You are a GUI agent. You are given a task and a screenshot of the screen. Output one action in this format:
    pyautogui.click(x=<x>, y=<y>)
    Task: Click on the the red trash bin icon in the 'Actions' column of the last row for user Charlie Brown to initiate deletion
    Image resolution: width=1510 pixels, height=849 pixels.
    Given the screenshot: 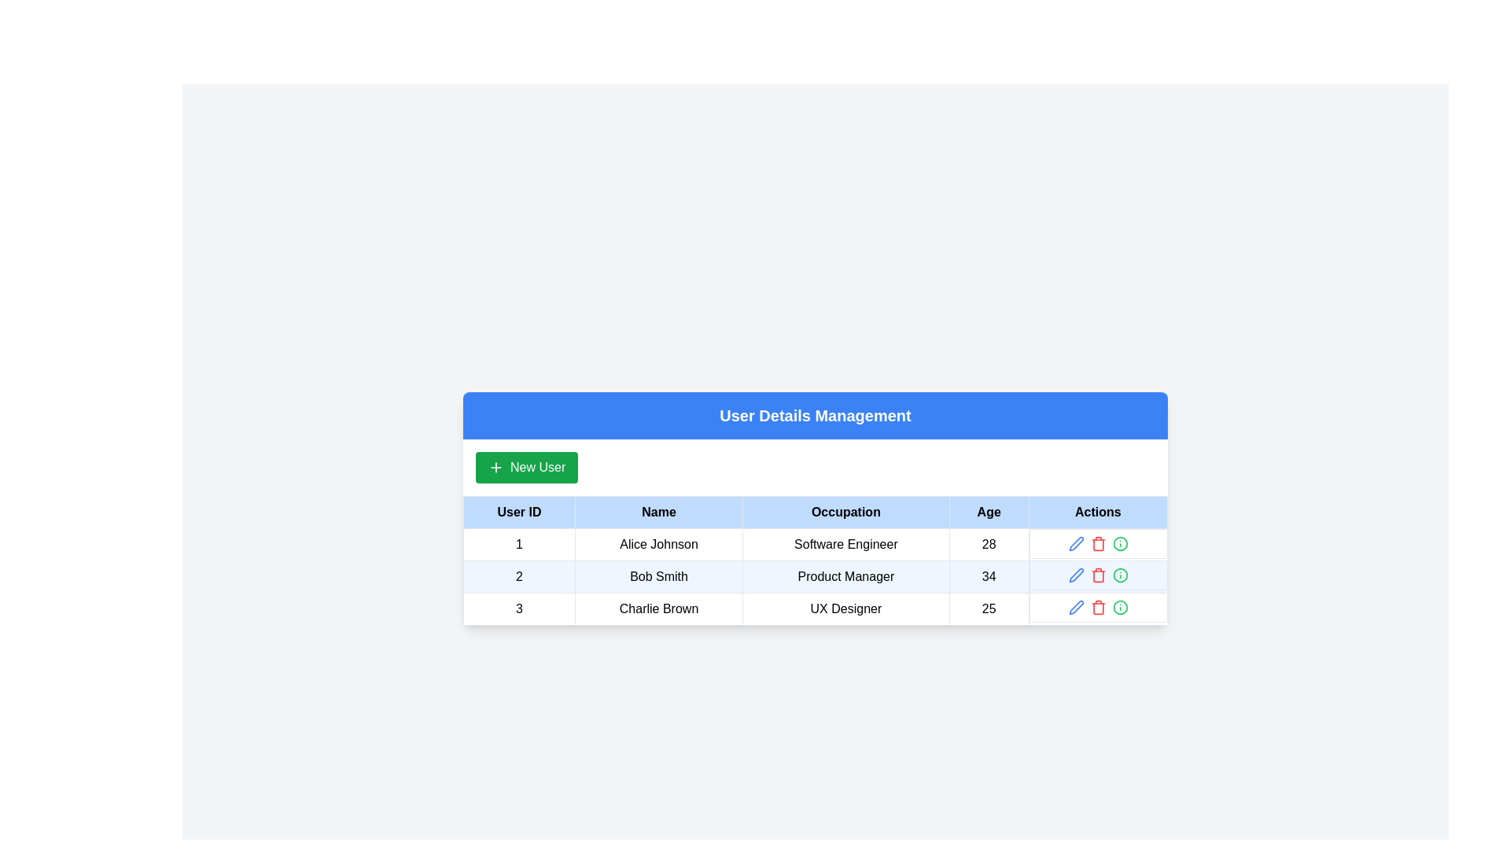 What is the action you would take?
    pyautogui.click(x=1097, y=606)
    